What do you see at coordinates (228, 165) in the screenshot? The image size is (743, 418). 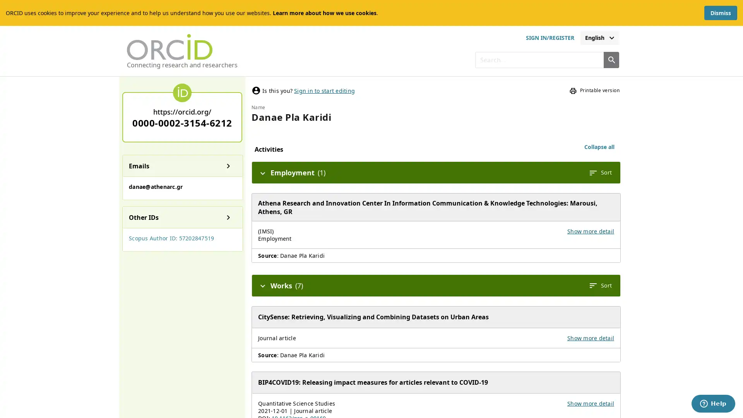 I see `Show details` at bounding box center [228, 165].